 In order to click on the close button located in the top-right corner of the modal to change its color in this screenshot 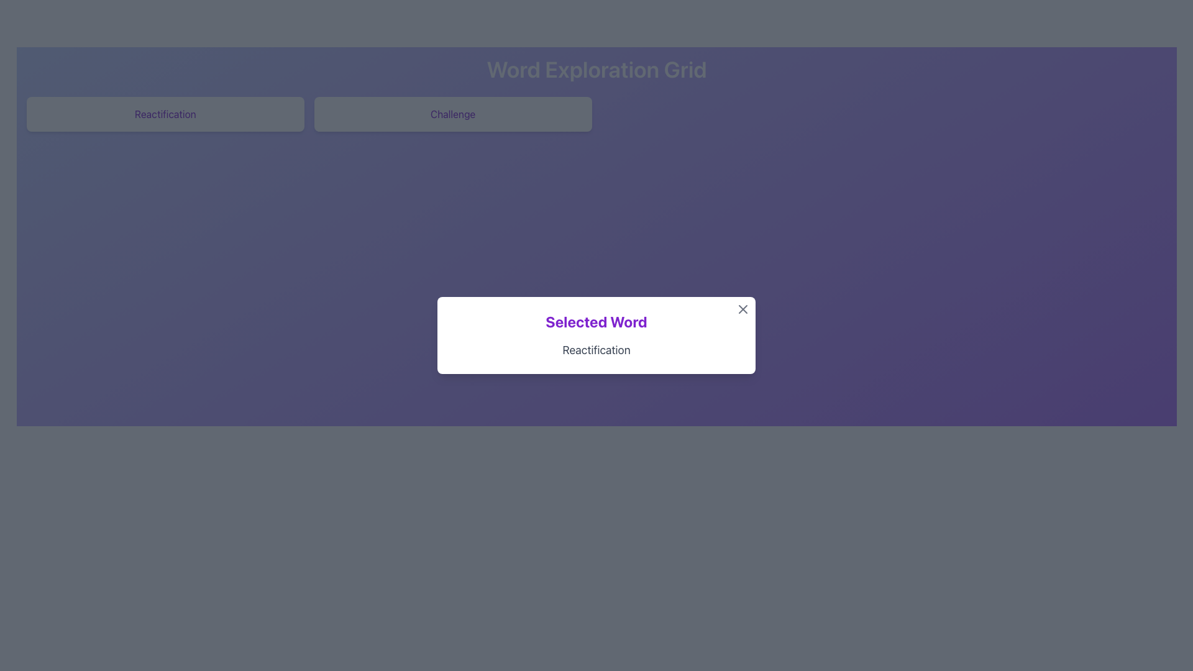, I will do `click(743, 308)`.